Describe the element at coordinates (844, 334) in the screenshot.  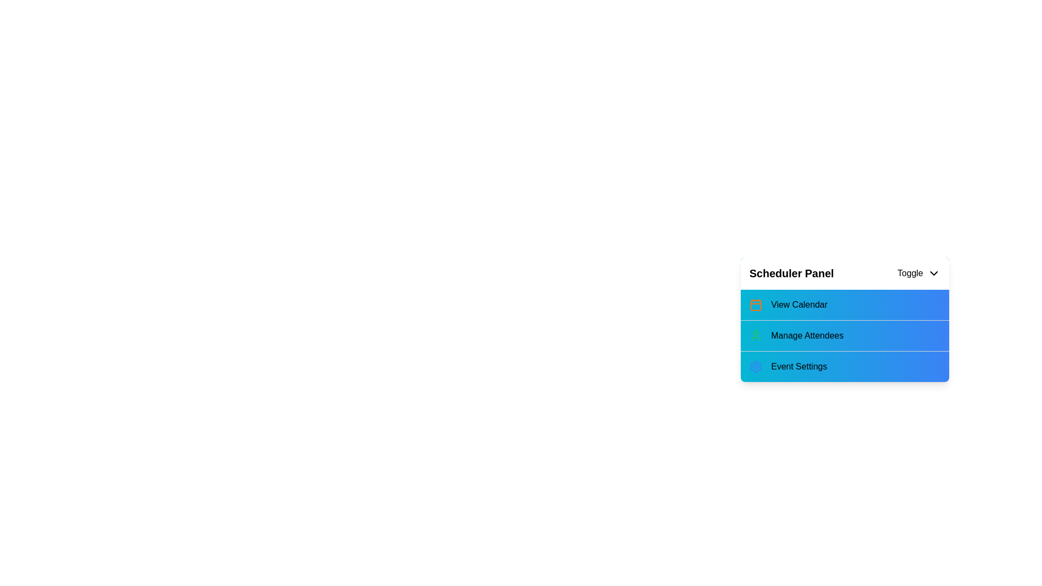
I see `the 'Manage Attendees' option in the Scheduler Menu` at that location.